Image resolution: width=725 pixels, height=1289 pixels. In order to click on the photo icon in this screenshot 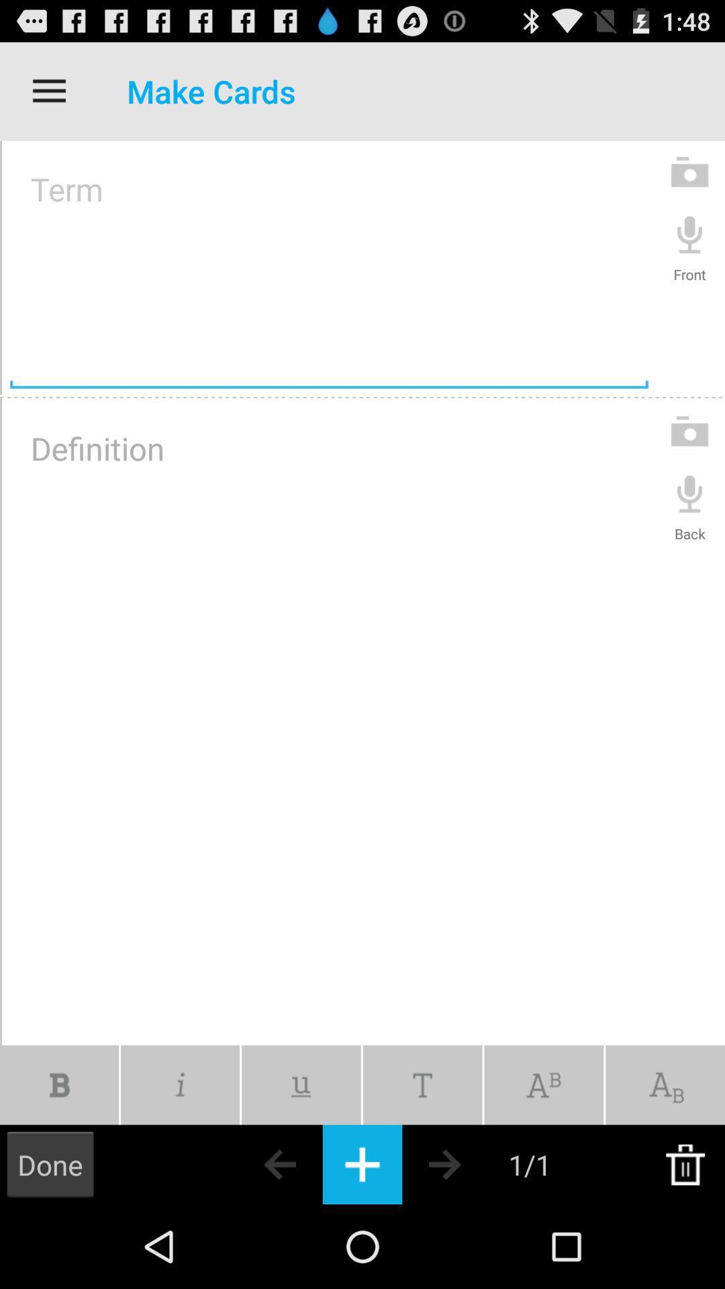, I will do `click(689, 461)`.